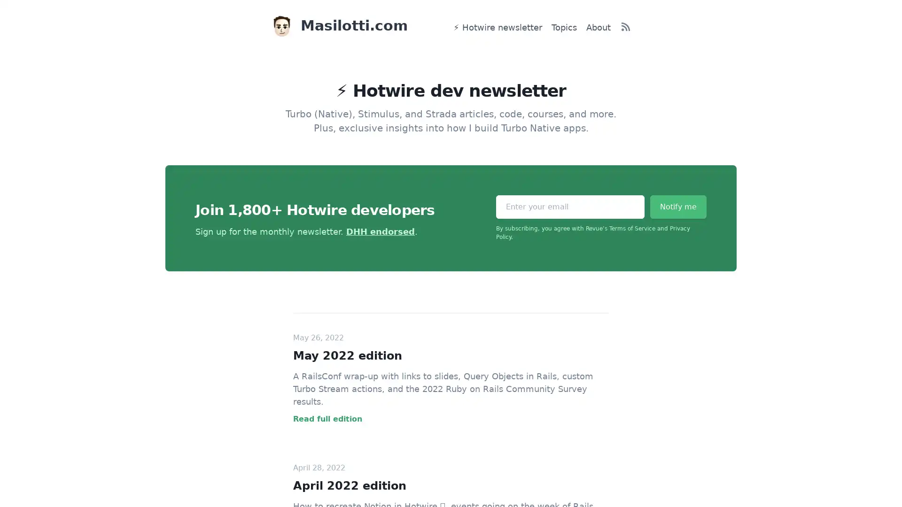  I want to click on Notify me, so click(678, 206).